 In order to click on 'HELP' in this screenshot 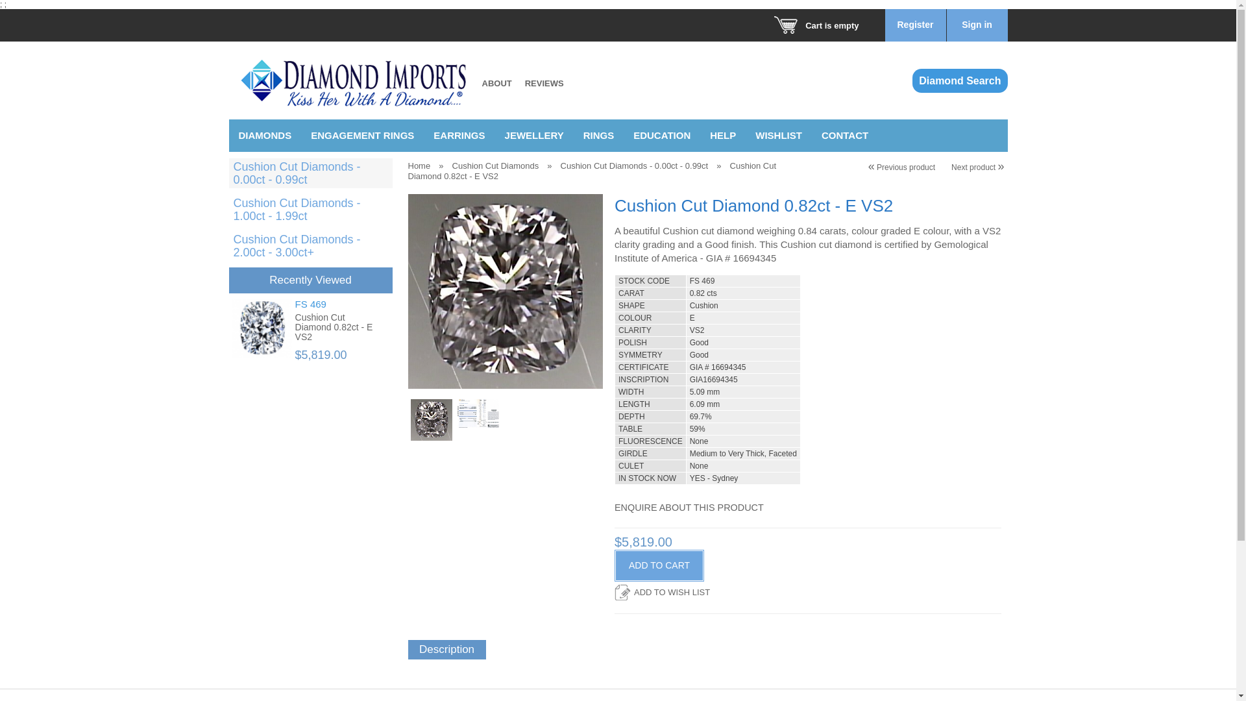, I will do `click(722, 135)`.